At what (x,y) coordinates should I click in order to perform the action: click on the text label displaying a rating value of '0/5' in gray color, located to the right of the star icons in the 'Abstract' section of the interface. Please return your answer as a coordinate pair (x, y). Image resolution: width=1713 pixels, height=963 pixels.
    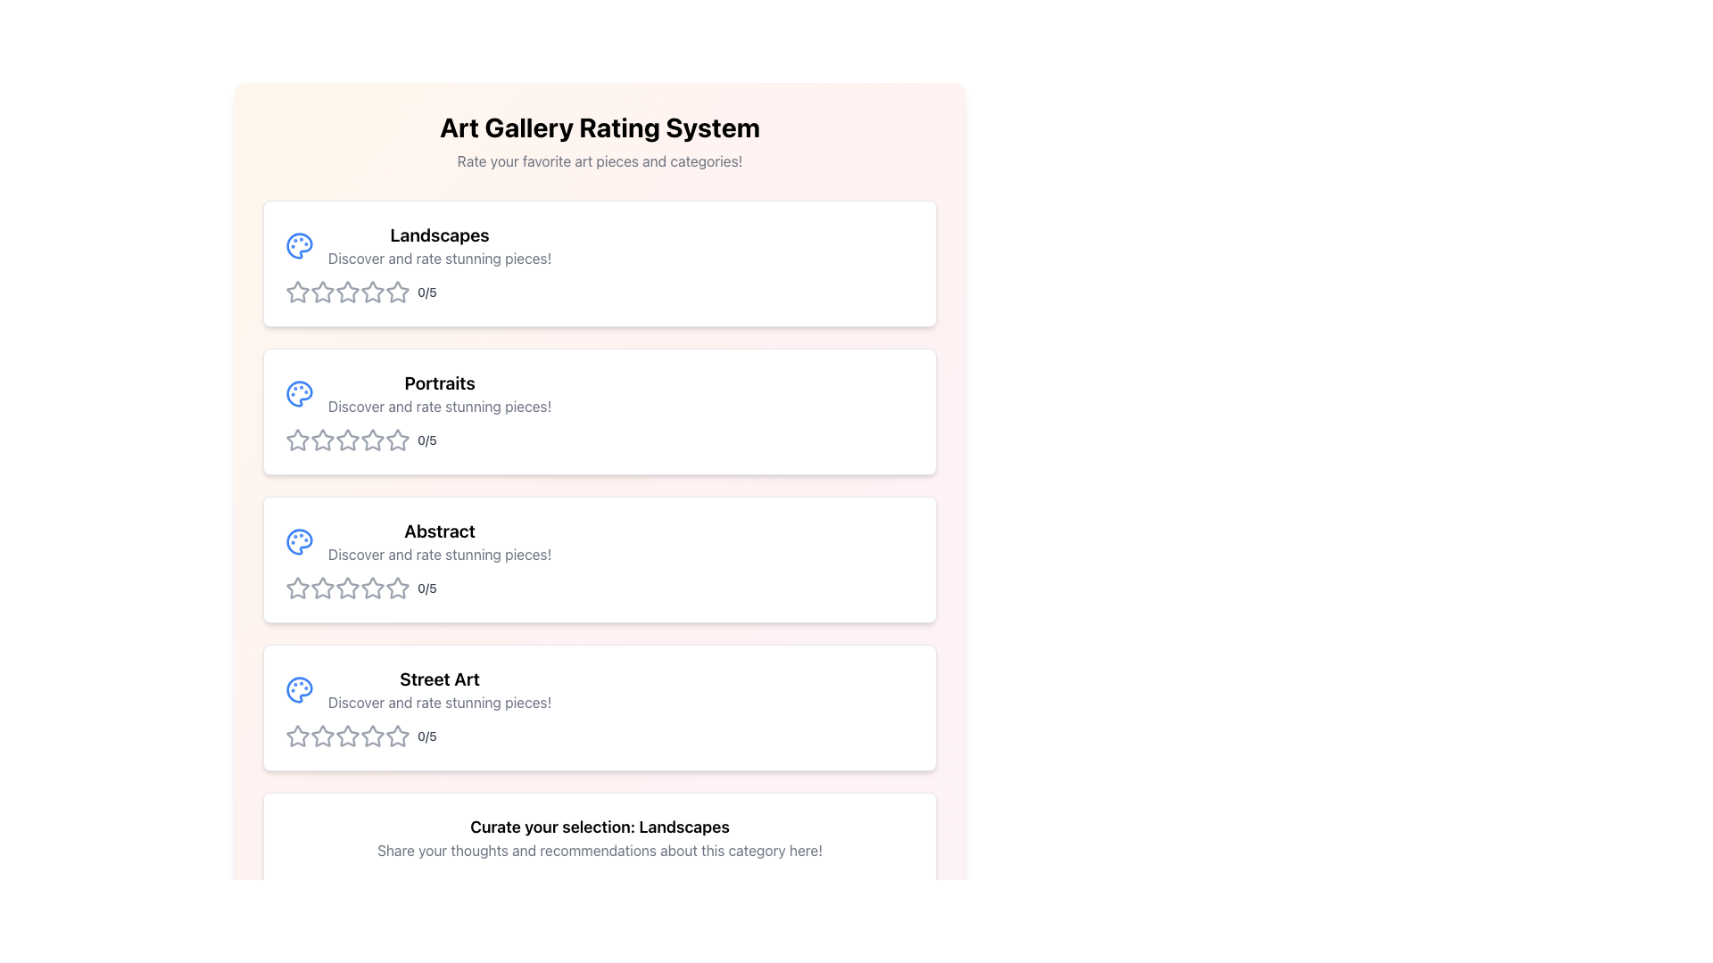
    Looking at the image, I should click on (426, 588).